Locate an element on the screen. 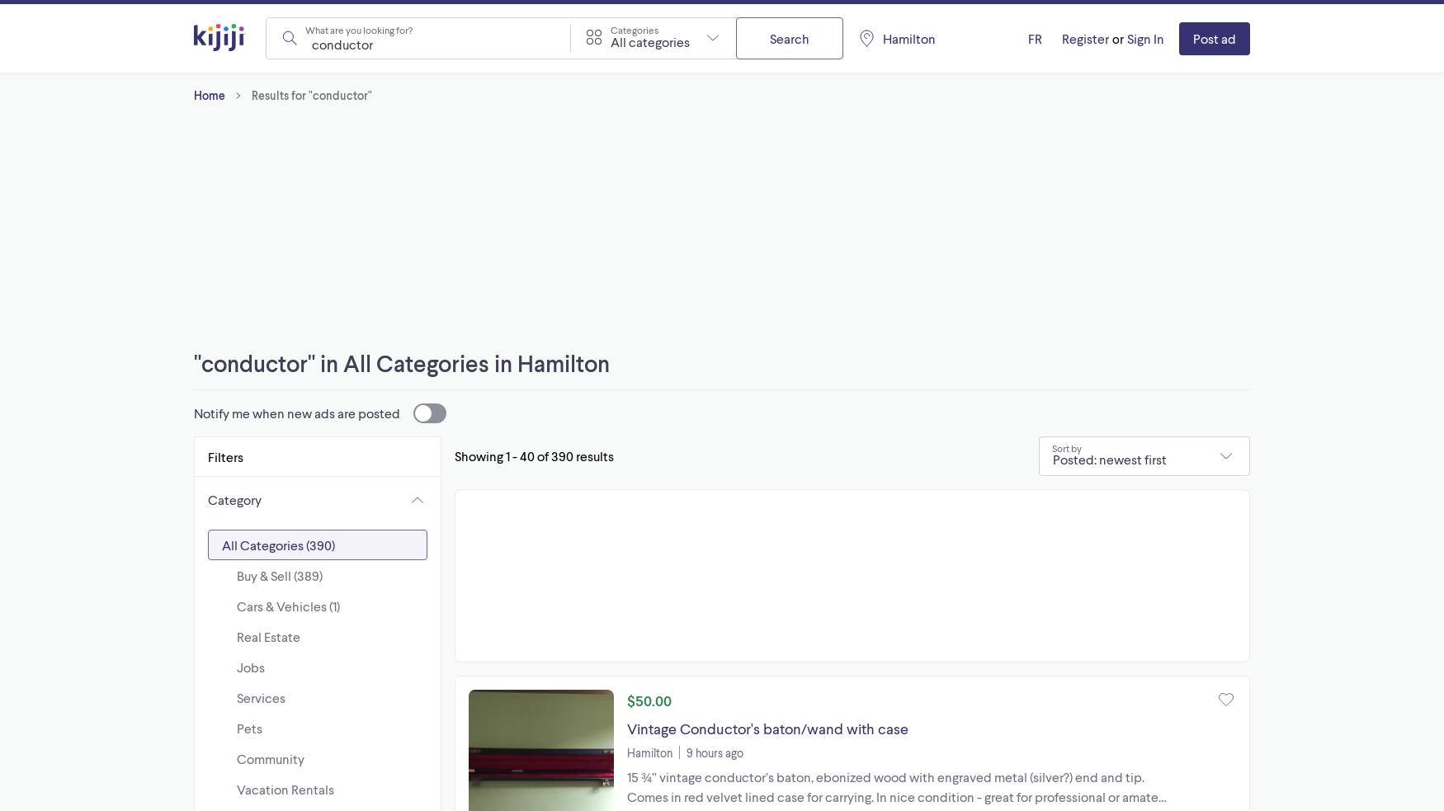 This screenshot has height=811, width=1444. 'Services' is located at coordinates (261, 697).